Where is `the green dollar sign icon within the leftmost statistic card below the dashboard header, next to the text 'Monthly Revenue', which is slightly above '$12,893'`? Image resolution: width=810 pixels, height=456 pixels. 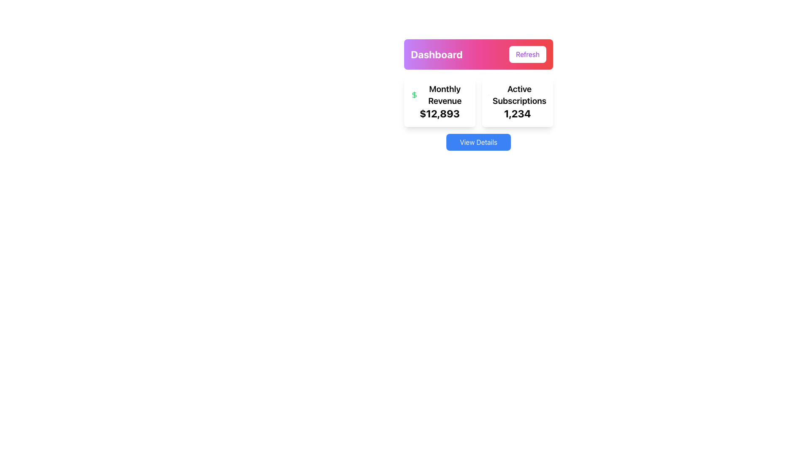 the green dollar sign icon within the leftmost statistic card below the dashboard header, next to the text 'Monthly Revenue', which is slightly above '$12,893' is located at coordinates (414, 95).